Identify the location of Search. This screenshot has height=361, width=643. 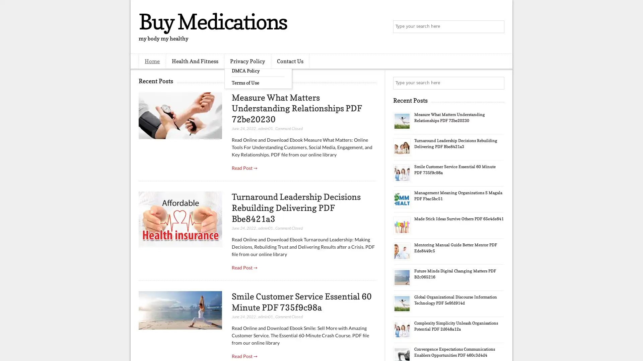
(497, 27).